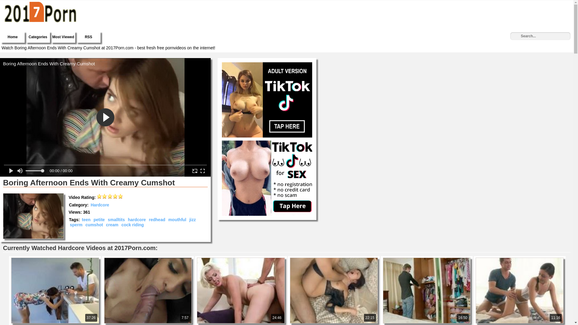 The image size is (578, 325). I want to click on 'RSS', so click(88, 37).